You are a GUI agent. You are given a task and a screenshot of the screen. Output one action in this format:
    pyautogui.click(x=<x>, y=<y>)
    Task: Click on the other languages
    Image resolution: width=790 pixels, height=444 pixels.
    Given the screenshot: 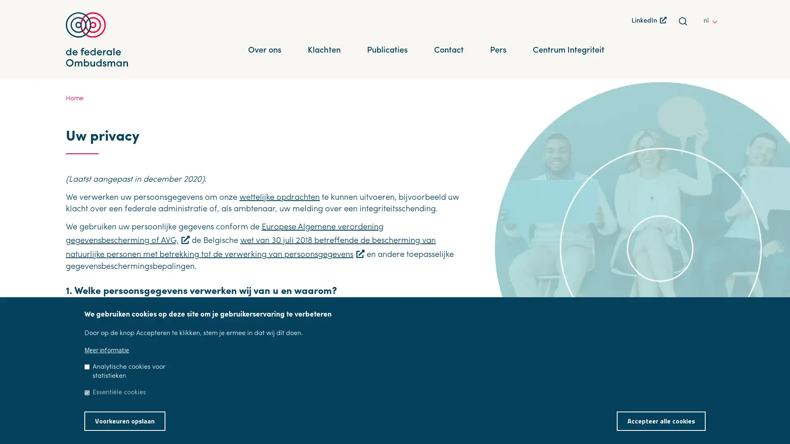 What is the action you would take?
    pyautogui.click(x=716, y=20)
    